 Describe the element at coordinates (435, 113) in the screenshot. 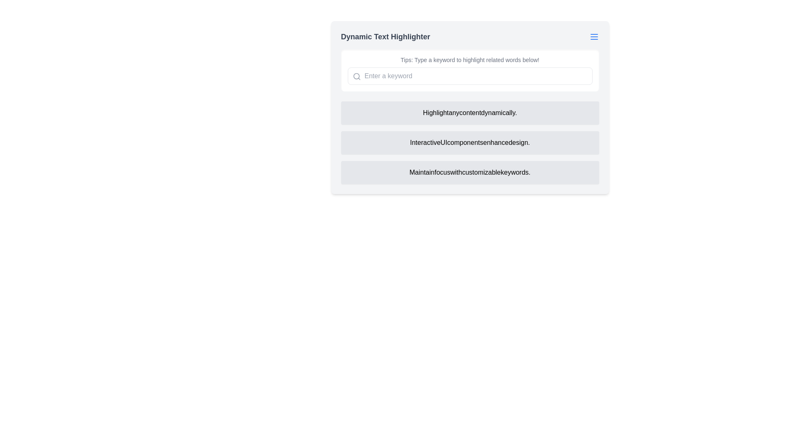

I see `the static text label displaying 'Highlight', which is located in the upper portion of the interface and part of the sentence 'Highlight any content dynamically.'` at that location.